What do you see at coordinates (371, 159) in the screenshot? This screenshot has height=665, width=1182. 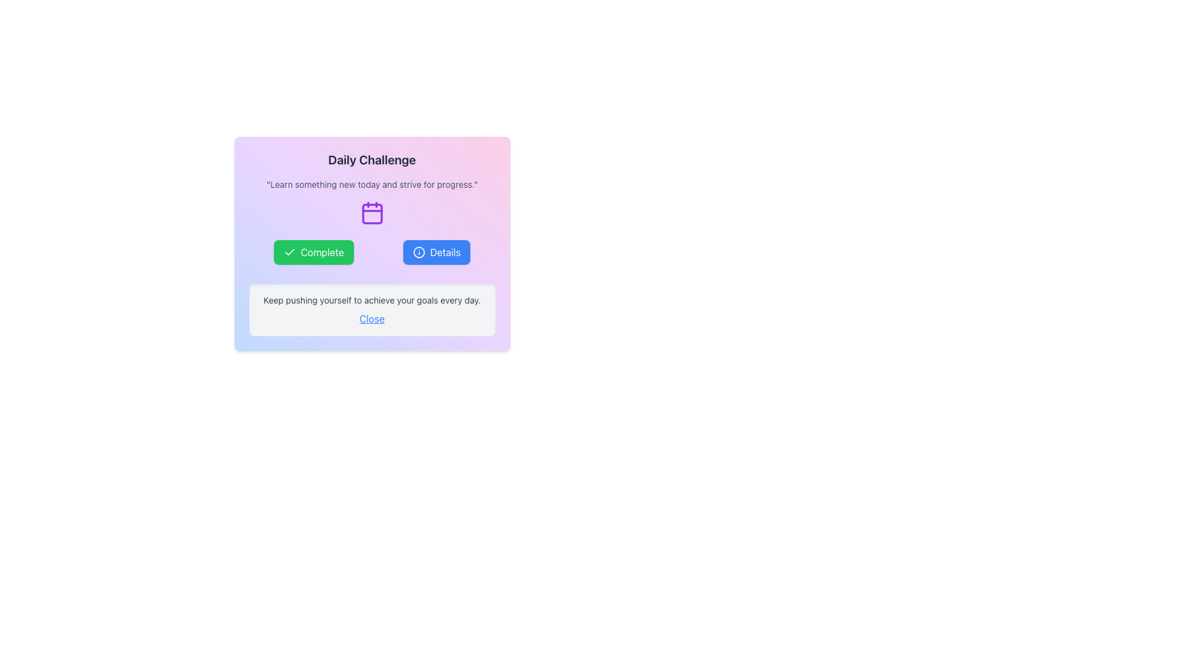 I see `the non-interactive heading 'Daily Challenge' located at the top of the gradient-colored card` at bounding box center [371, 159].